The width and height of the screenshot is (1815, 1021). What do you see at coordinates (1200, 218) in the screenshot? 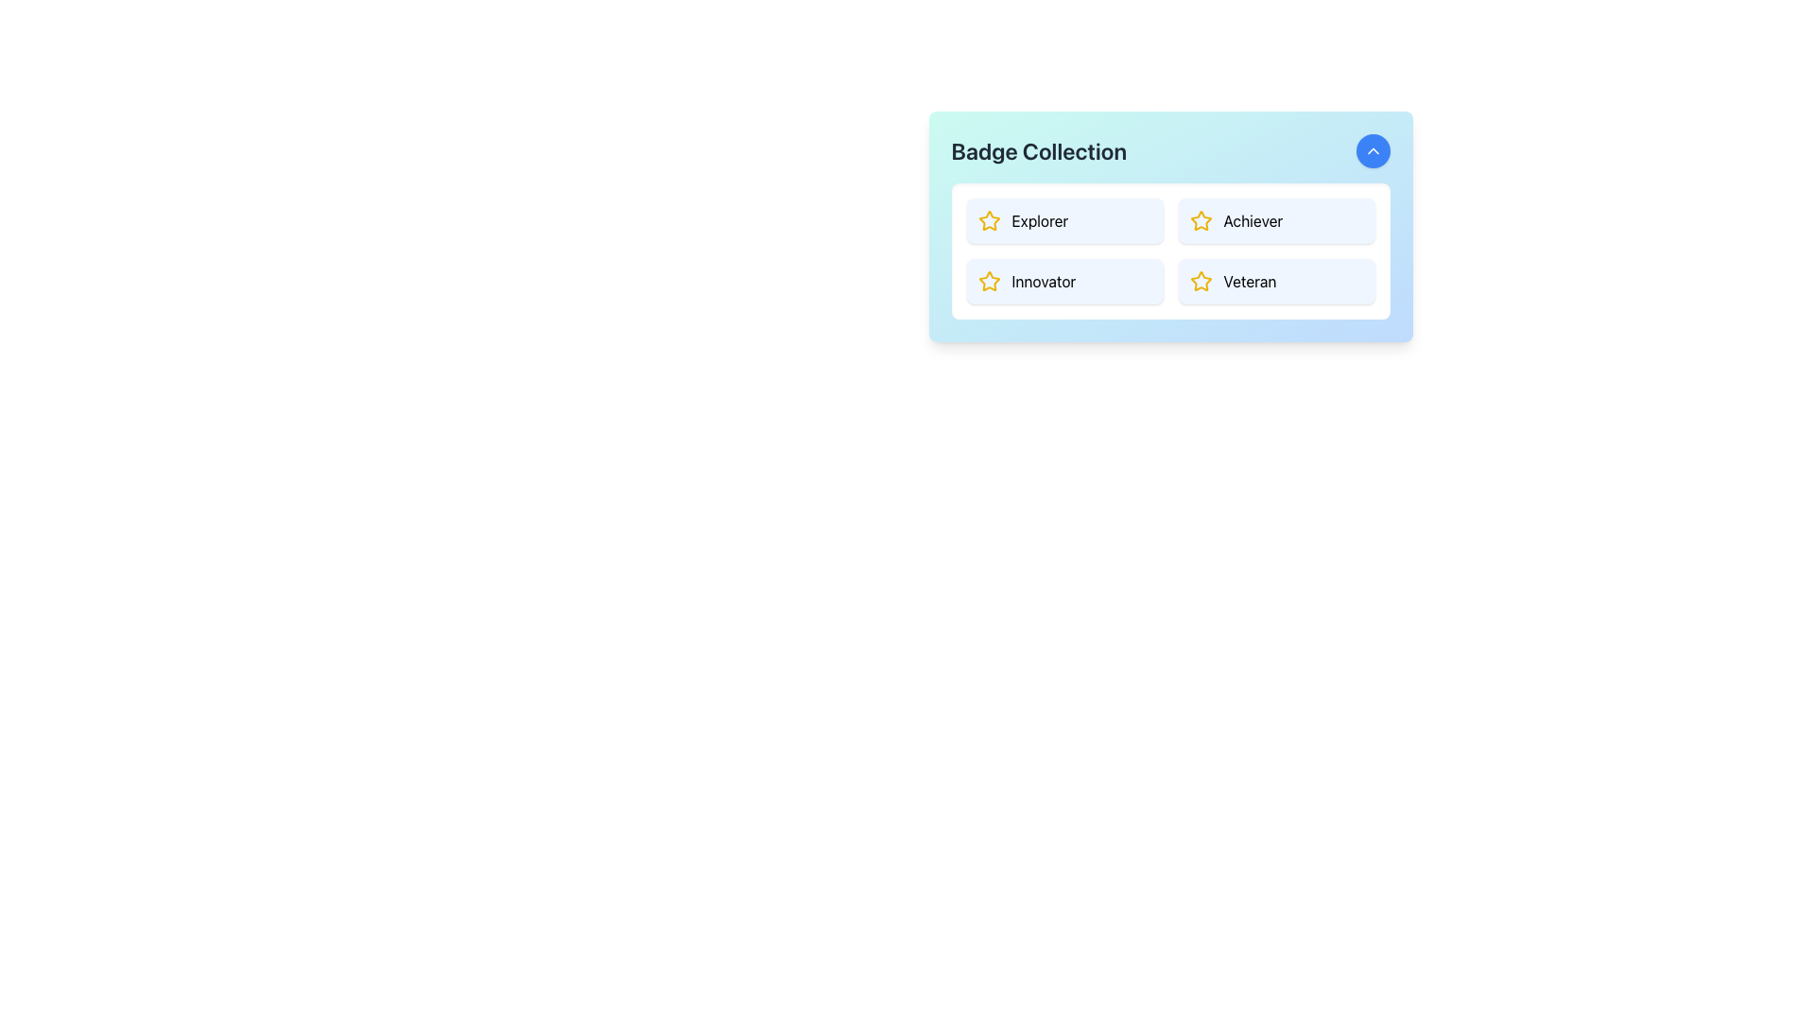
I see `the star-shaped golden-yellow icon associated with the 'Achiever' label` at bounding box center [1200, 218].